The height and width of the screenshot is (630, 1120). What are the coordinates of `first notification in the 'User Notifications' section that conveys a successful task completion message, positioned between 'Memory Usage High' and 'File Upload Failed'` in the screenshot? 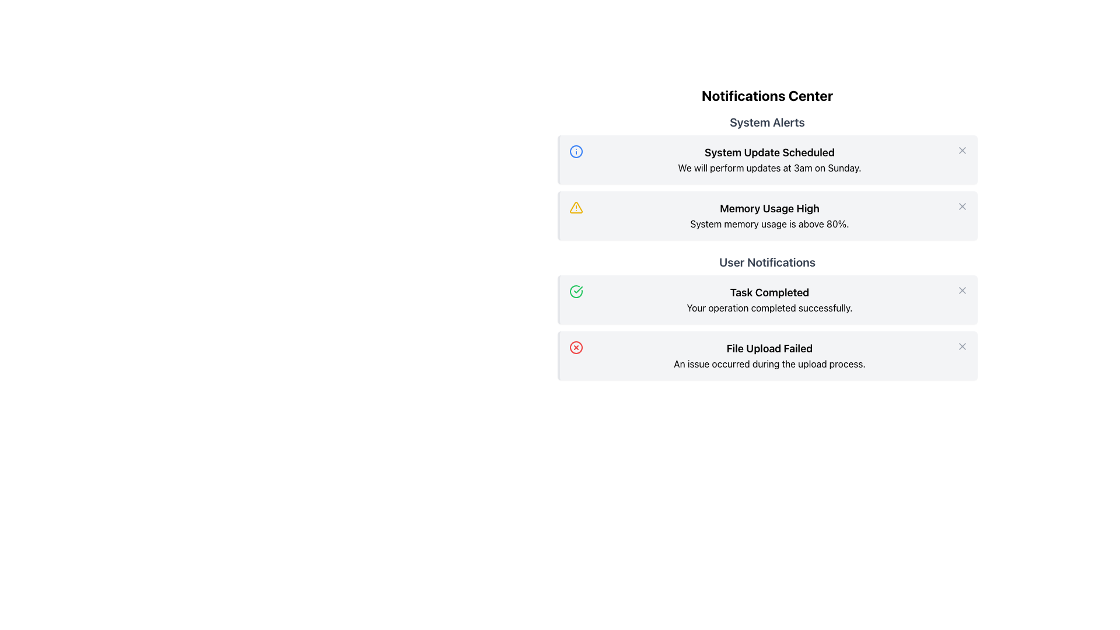 It's located at (767, 299).